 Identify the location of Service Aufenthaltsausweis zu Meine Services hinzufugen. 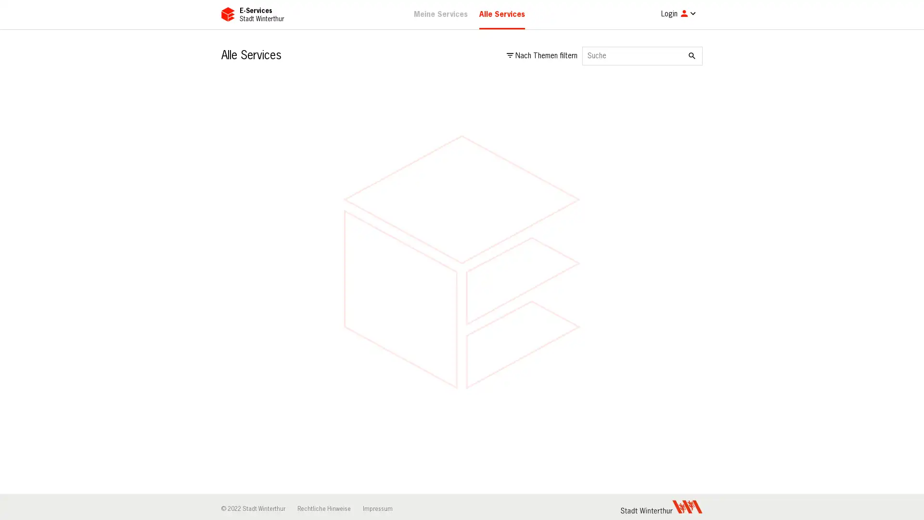
(524, 301).